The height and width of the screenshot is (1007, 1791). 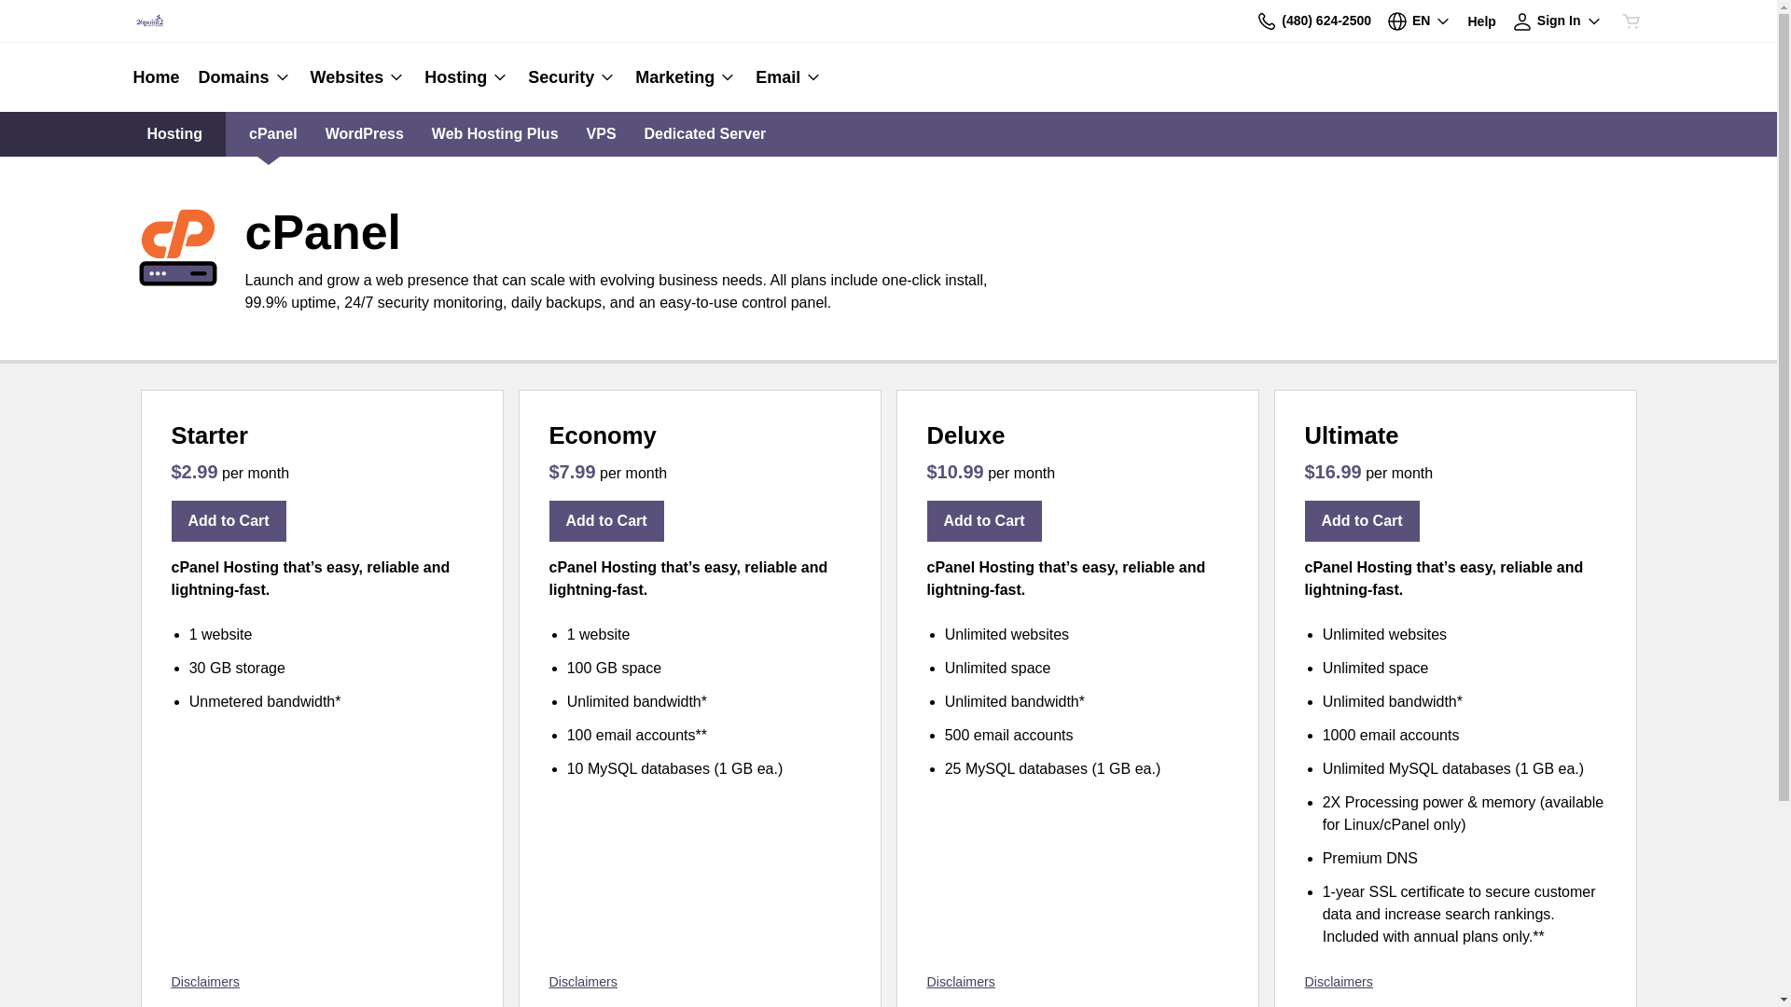 I want to click on 'Sign In', so click(x=1557, y=21).